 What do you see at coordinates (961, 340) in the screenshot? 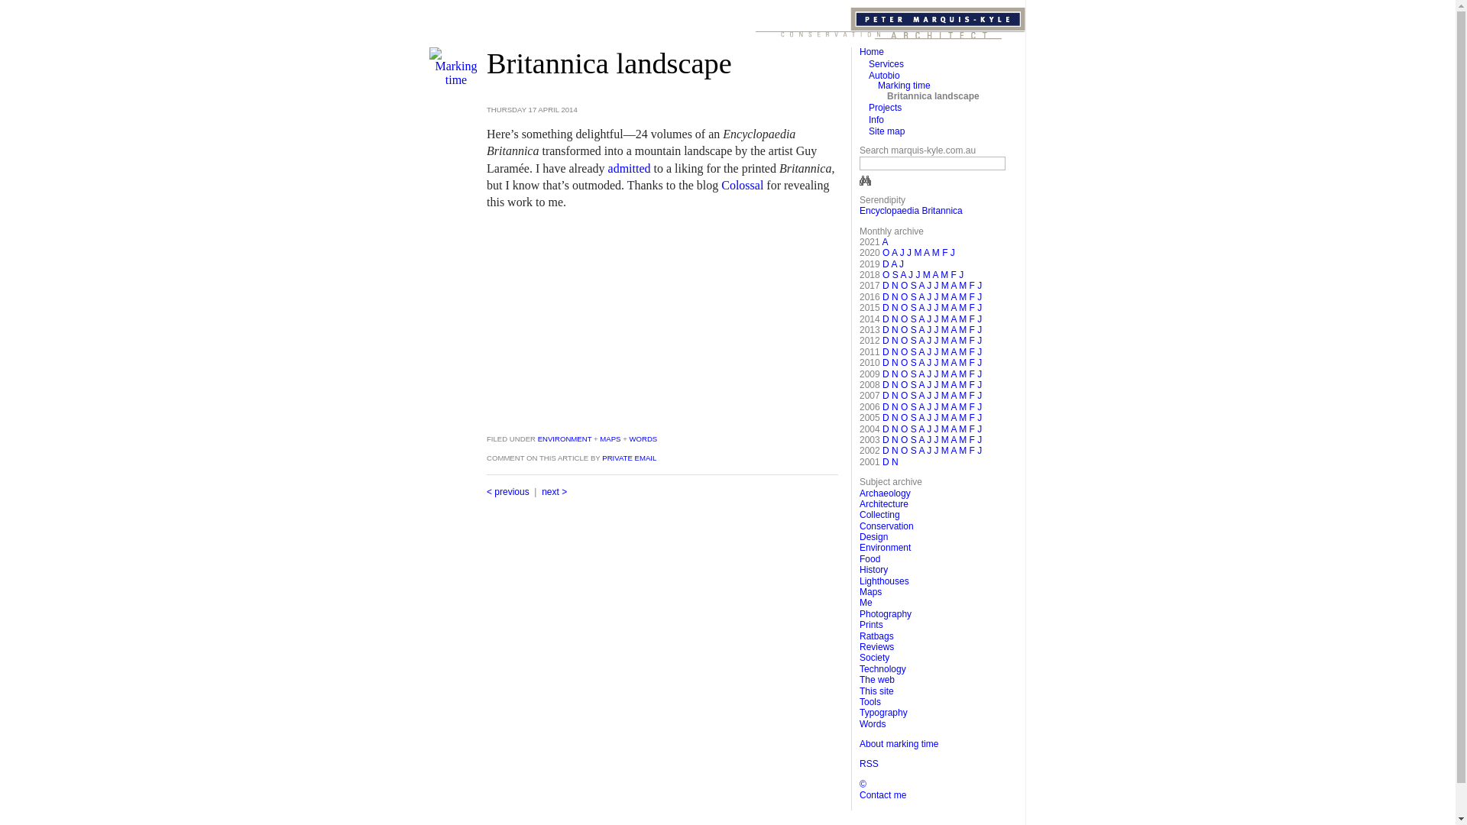
I see `'M'` at bounding box center [961, 340].